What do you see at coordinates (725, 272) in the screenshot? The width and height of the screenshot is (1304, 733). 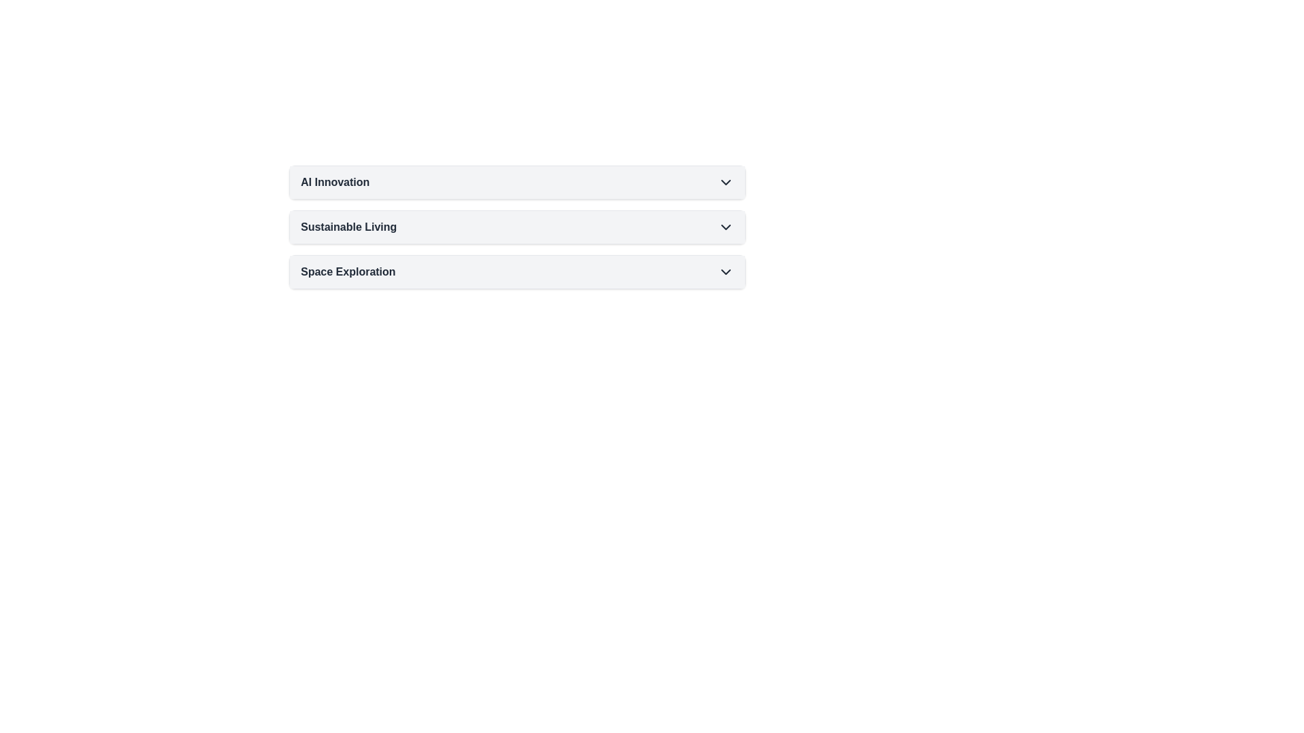 I see `the downward-pointing chevron icon indicating expandable content on the 'Space Exploration' tab` at bounding box center [725, 272].